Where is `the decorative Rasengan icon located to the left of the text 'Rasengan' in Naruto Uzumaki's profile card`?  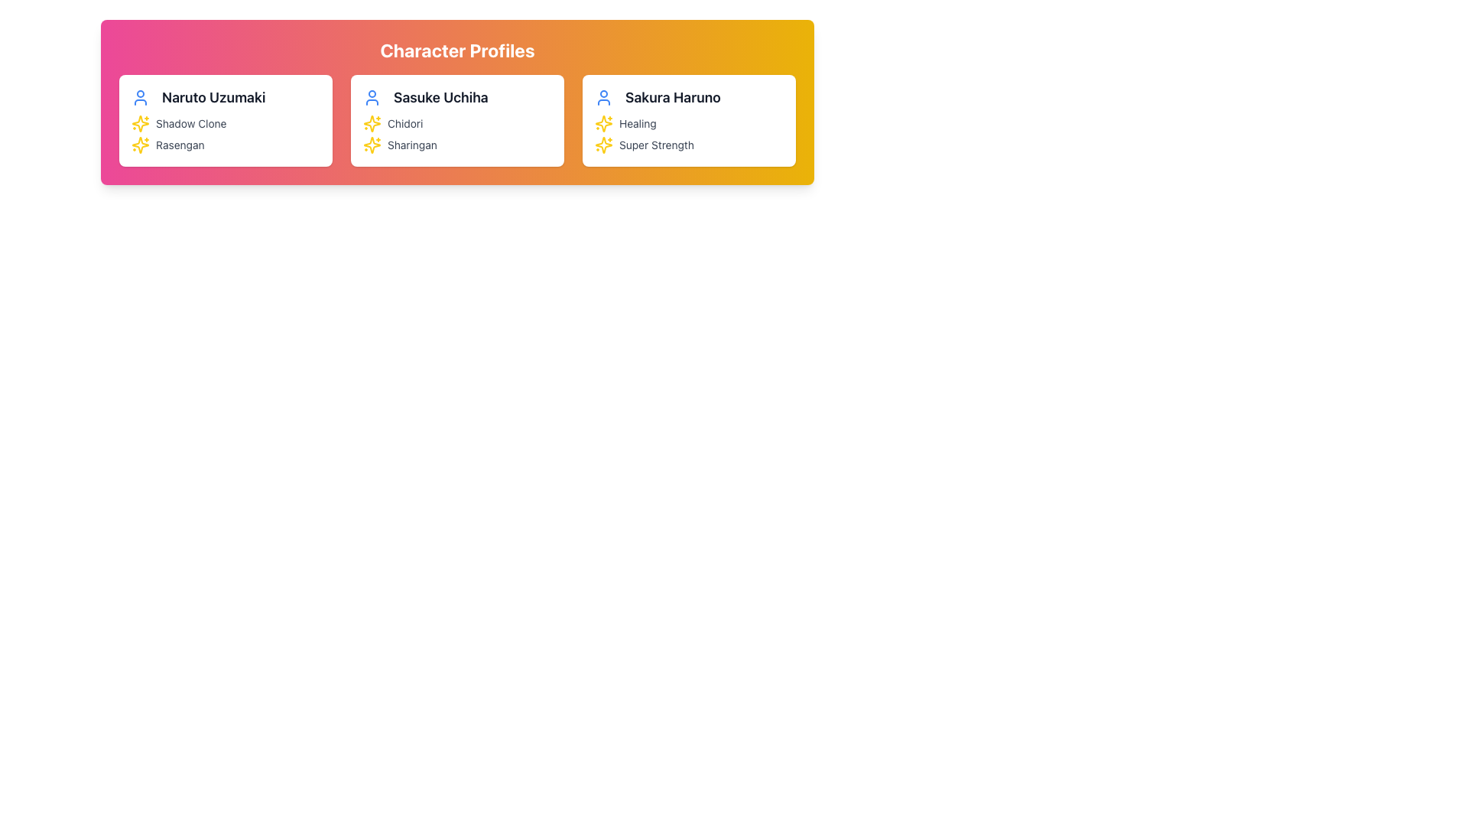
the decorative Rasengan icon located to the left of the text 'Rasengan' in Naruto Uzumaki's profile card is located at coordinates (140, 145).